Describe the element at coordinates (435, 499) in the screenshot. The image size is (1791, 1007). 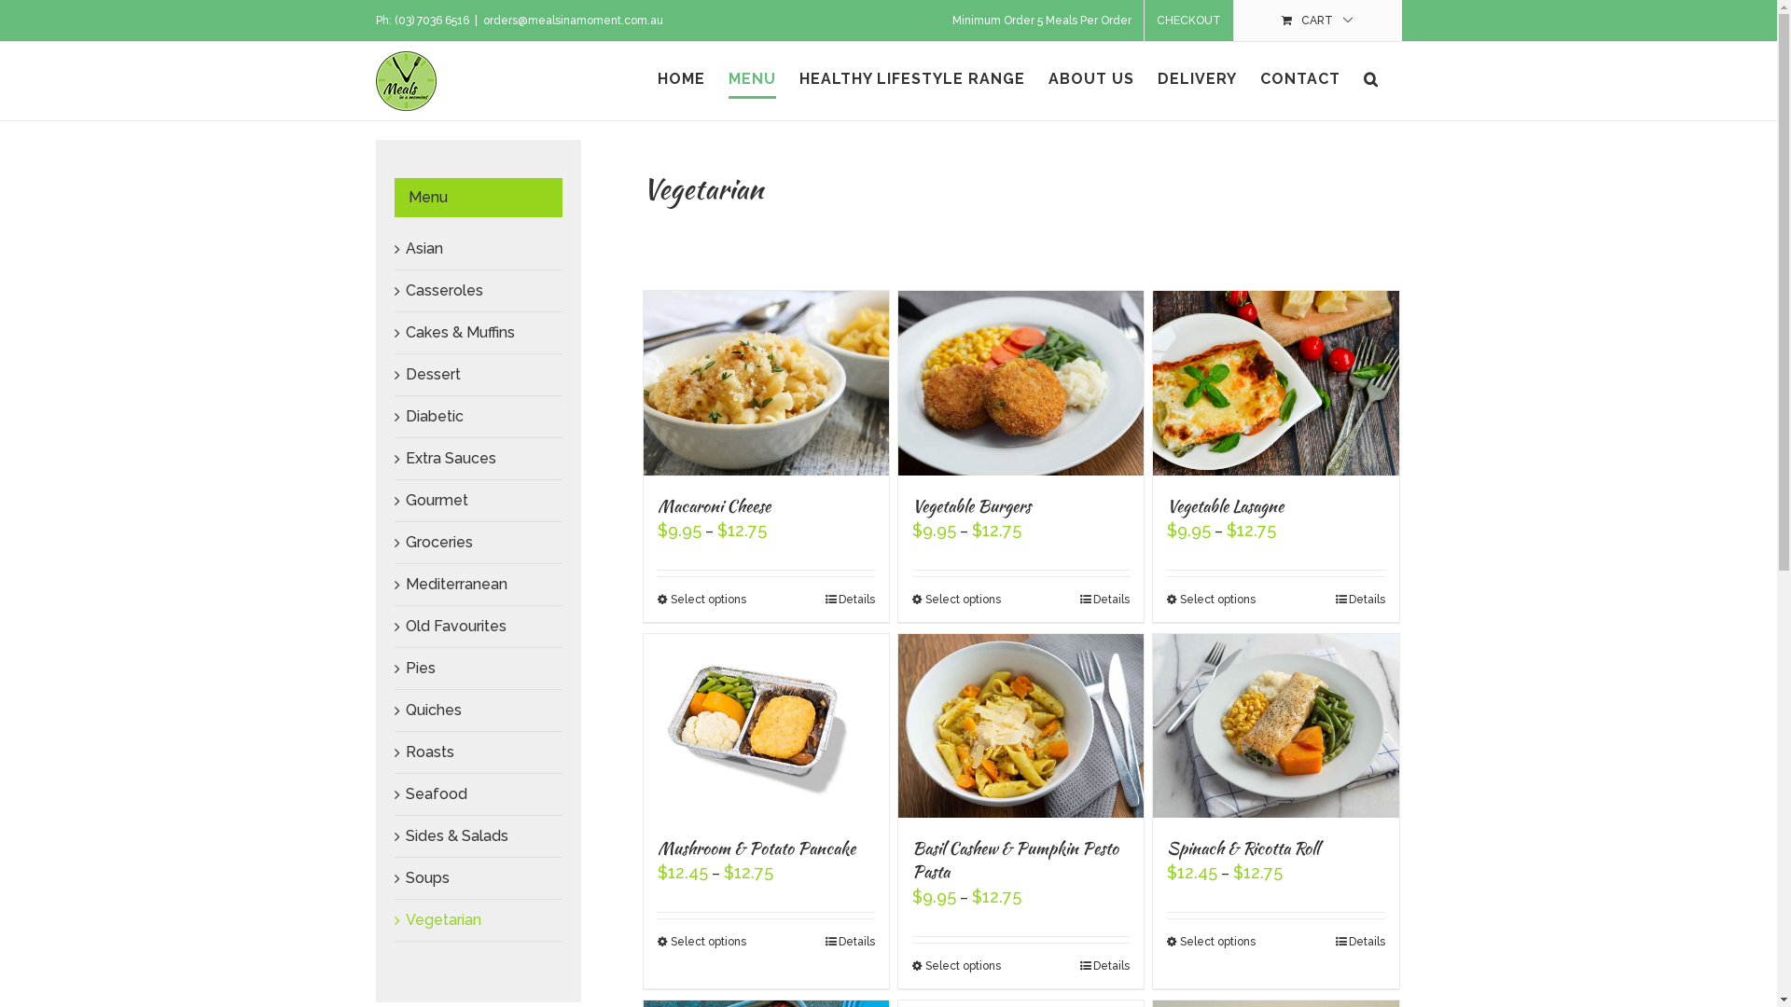
I see `'Gourmet'` at that location.